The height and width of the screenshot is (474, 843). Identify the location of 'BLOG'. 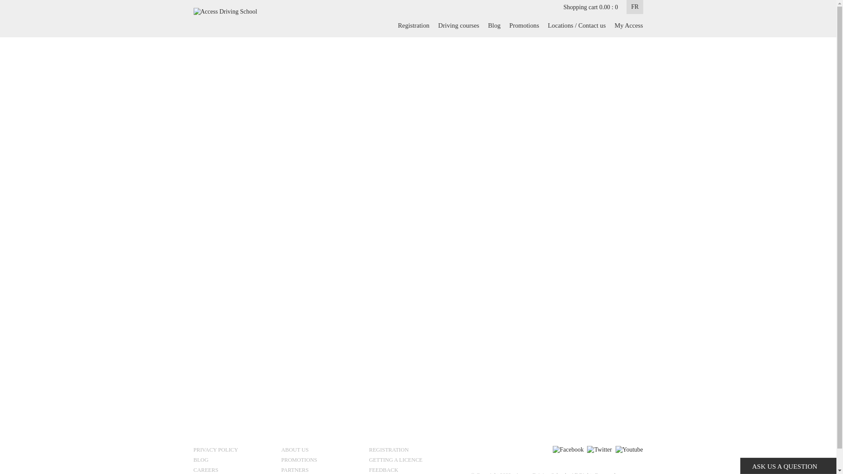
(234, 460).